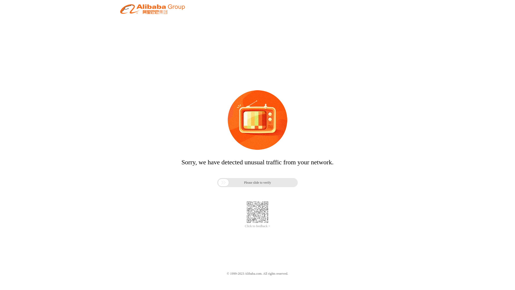 The height and width of the screenshot is (290, 515). I want to click on 'Click to feedback >', so click(244, 226).